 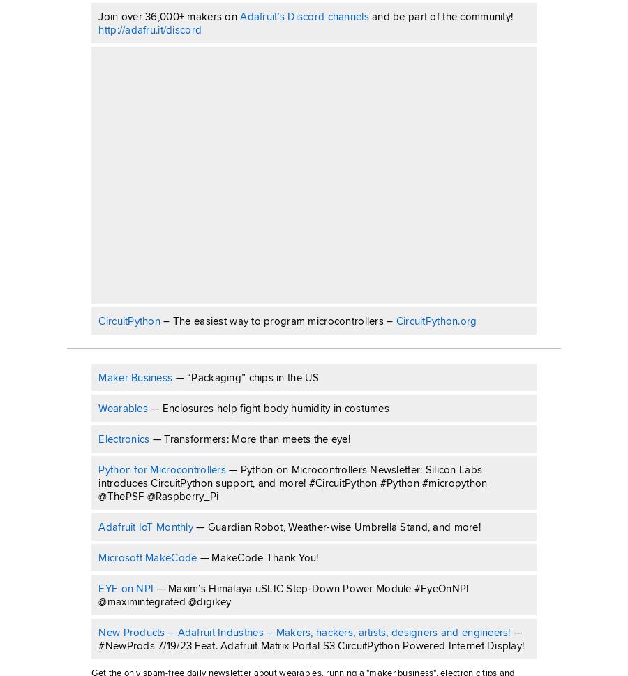 I want to click on 'CircuitPython', so click(x=98, y=319).